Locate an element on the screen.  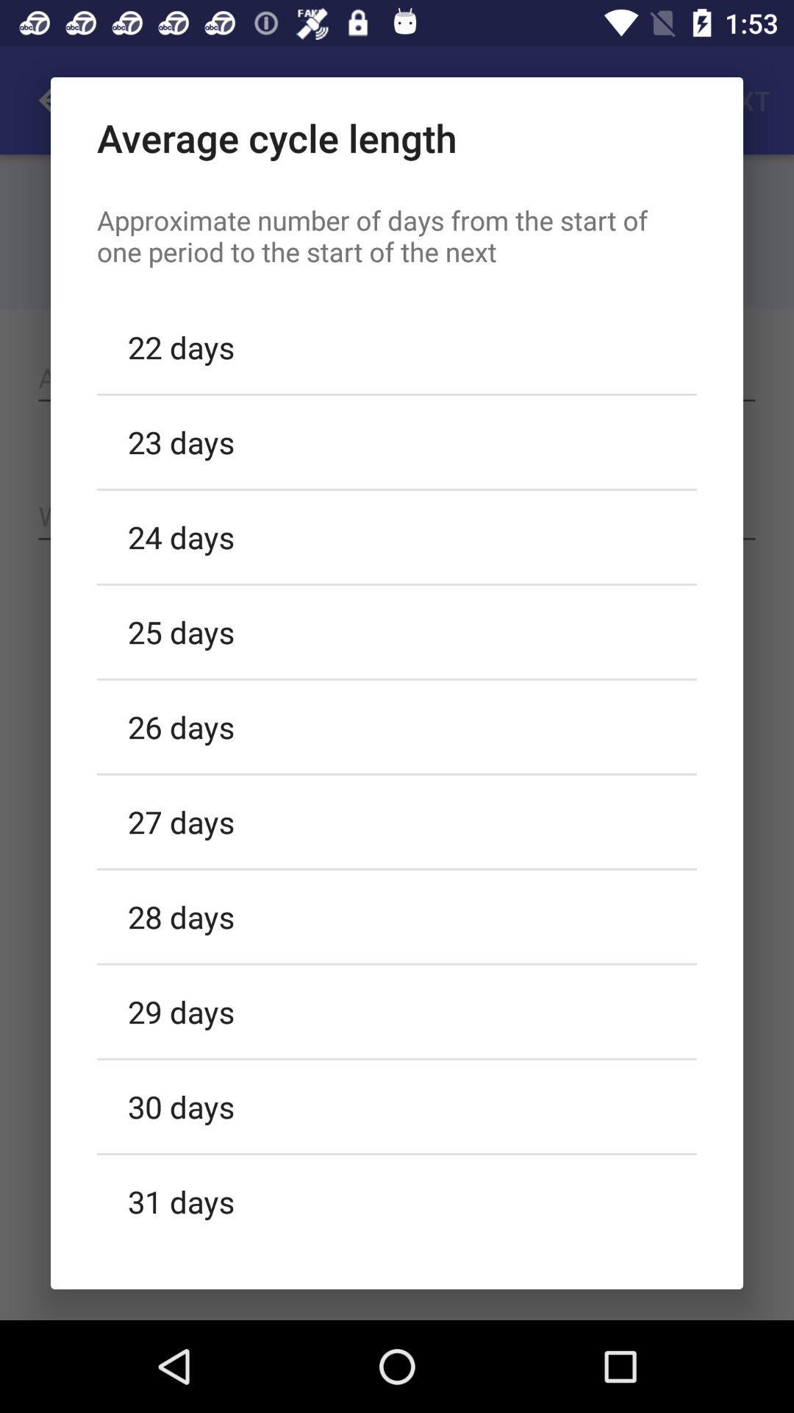
the item below the 24 days item is located at coordinates (397, 631).